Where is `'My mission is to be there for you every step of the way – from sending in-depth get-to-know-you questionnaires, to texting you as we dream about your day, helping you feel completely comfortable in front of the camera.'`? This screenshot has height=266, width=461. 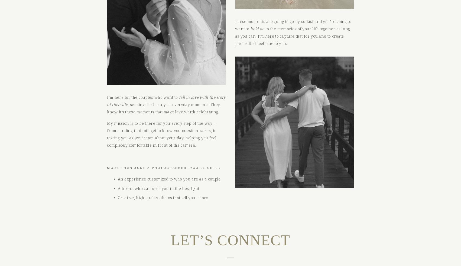
'My mission is to be there for you every step of the way – from sending in-depth get-to-know-you questionnaires, to texting you as we dream about your day, helping you feel completely comfortable in front of the camera.' is located at coordinates (107, 134).